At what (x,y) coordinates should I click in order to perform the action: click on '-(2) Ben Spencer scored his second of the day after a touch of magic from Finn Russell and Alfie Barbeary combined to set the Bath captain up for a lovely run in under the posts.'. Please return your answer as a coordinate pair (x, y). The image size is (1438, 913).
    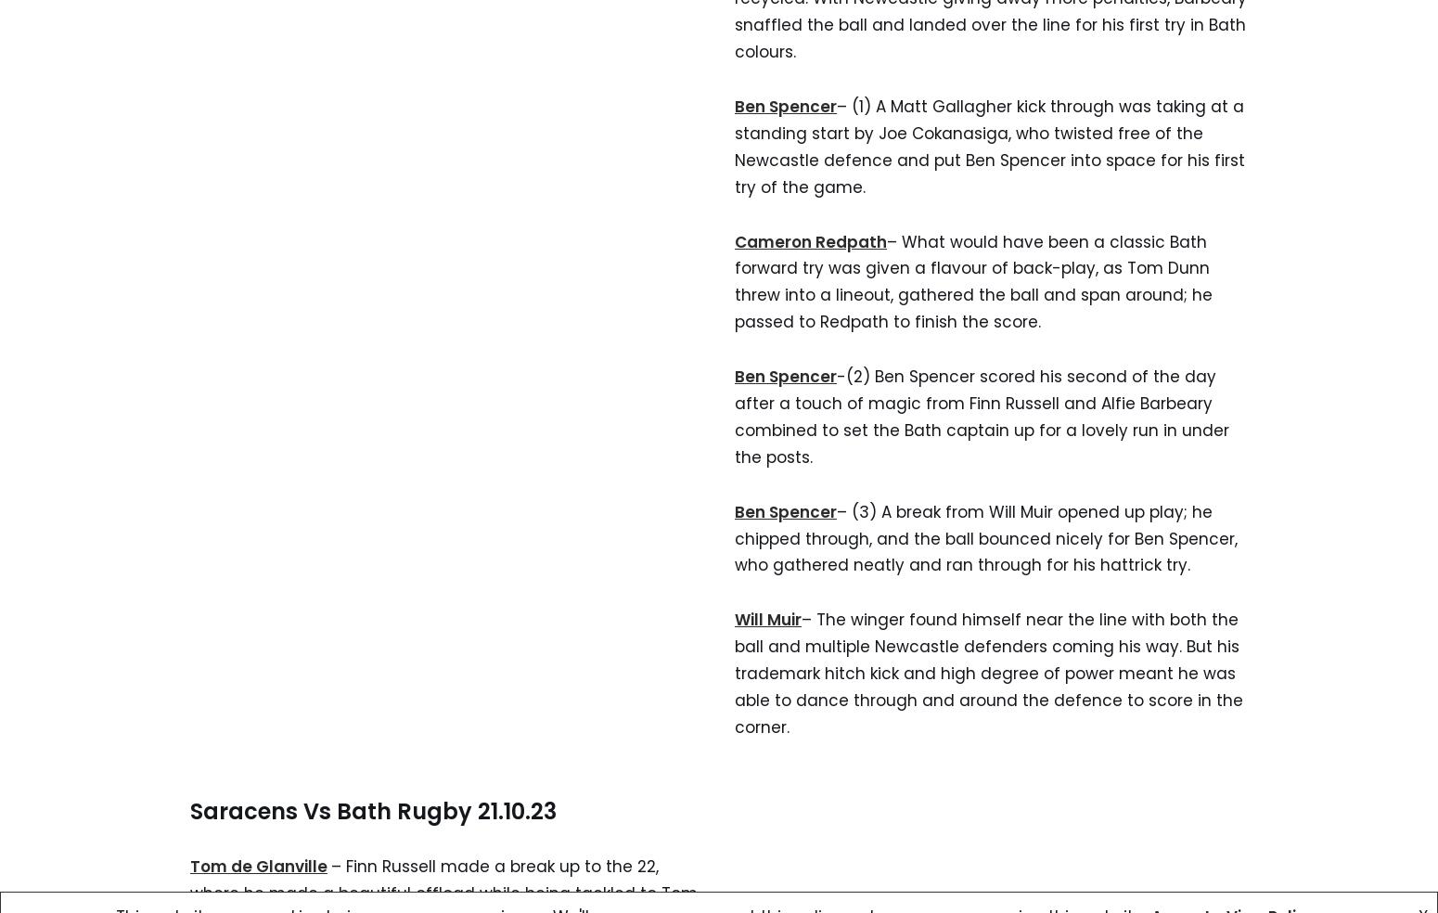
    Looking at the image, I should click on (982, 416).